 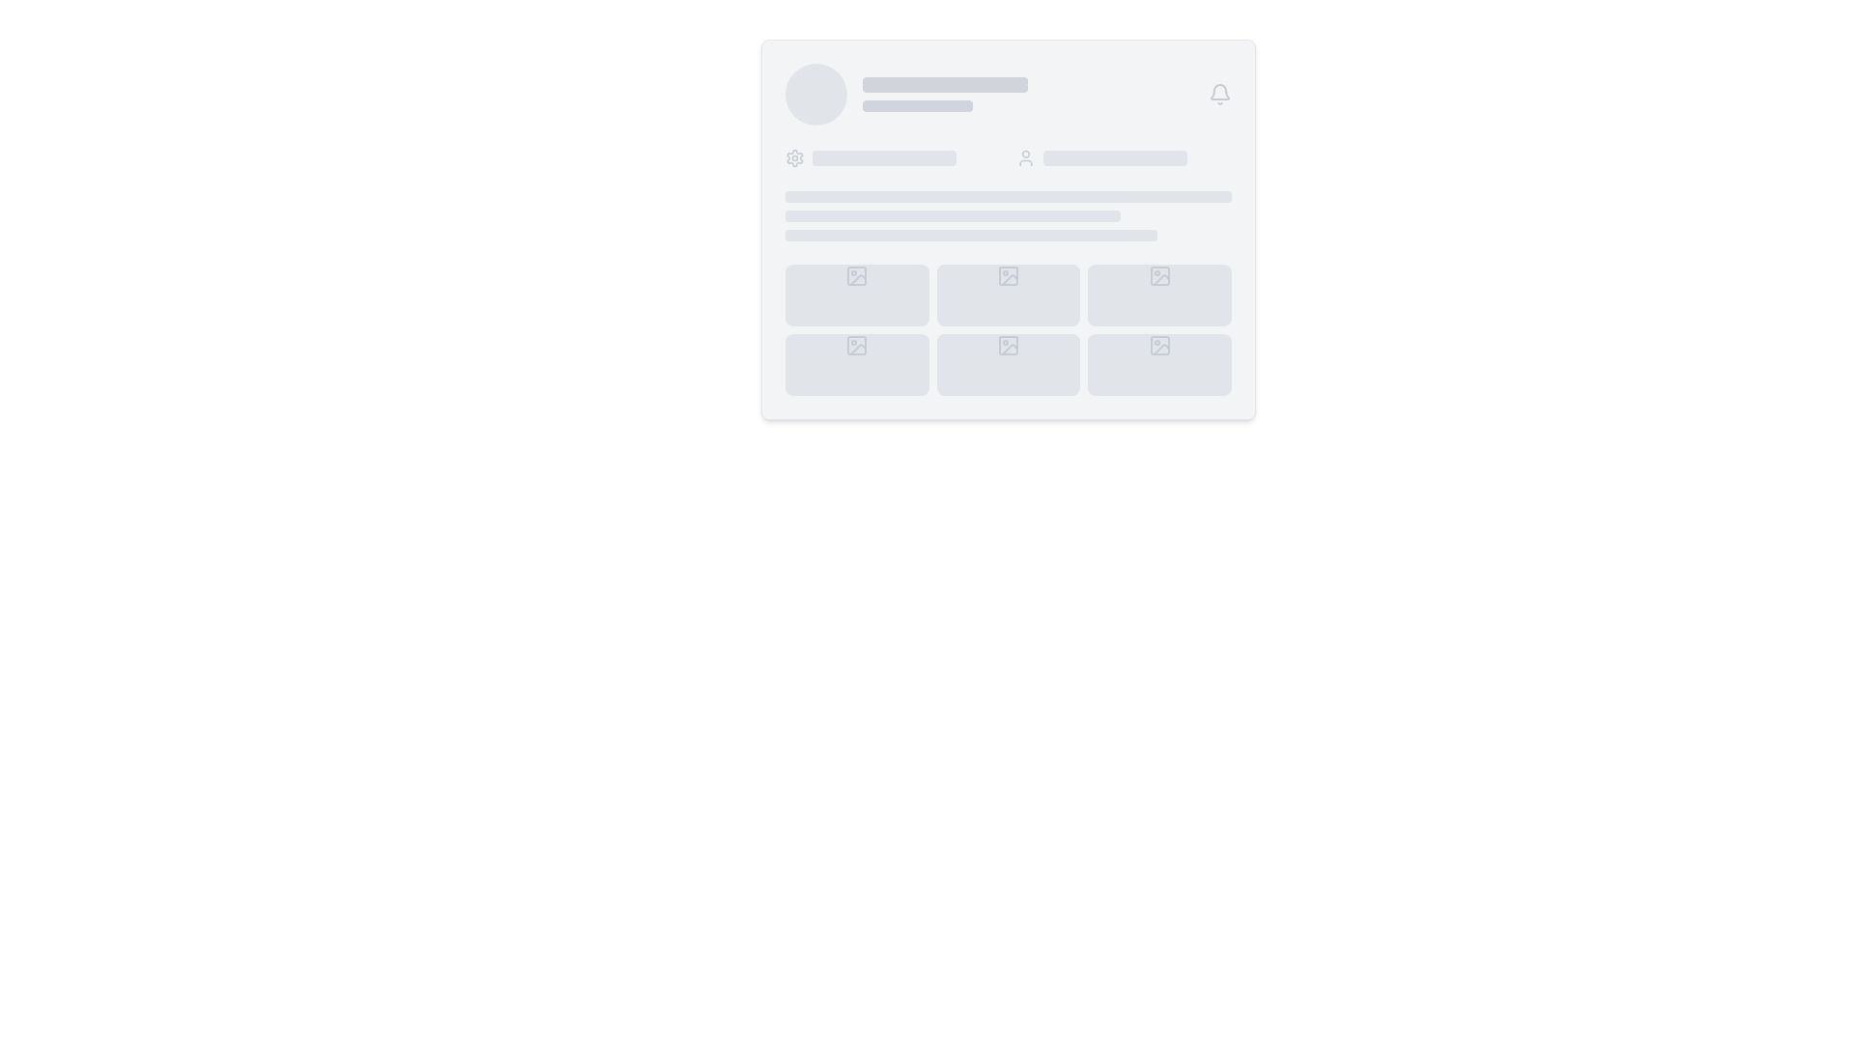 I want to click on the decorative bar or placeholder located near the top of the interface, just beneath the circular profile area, so click(x=945, y=84).